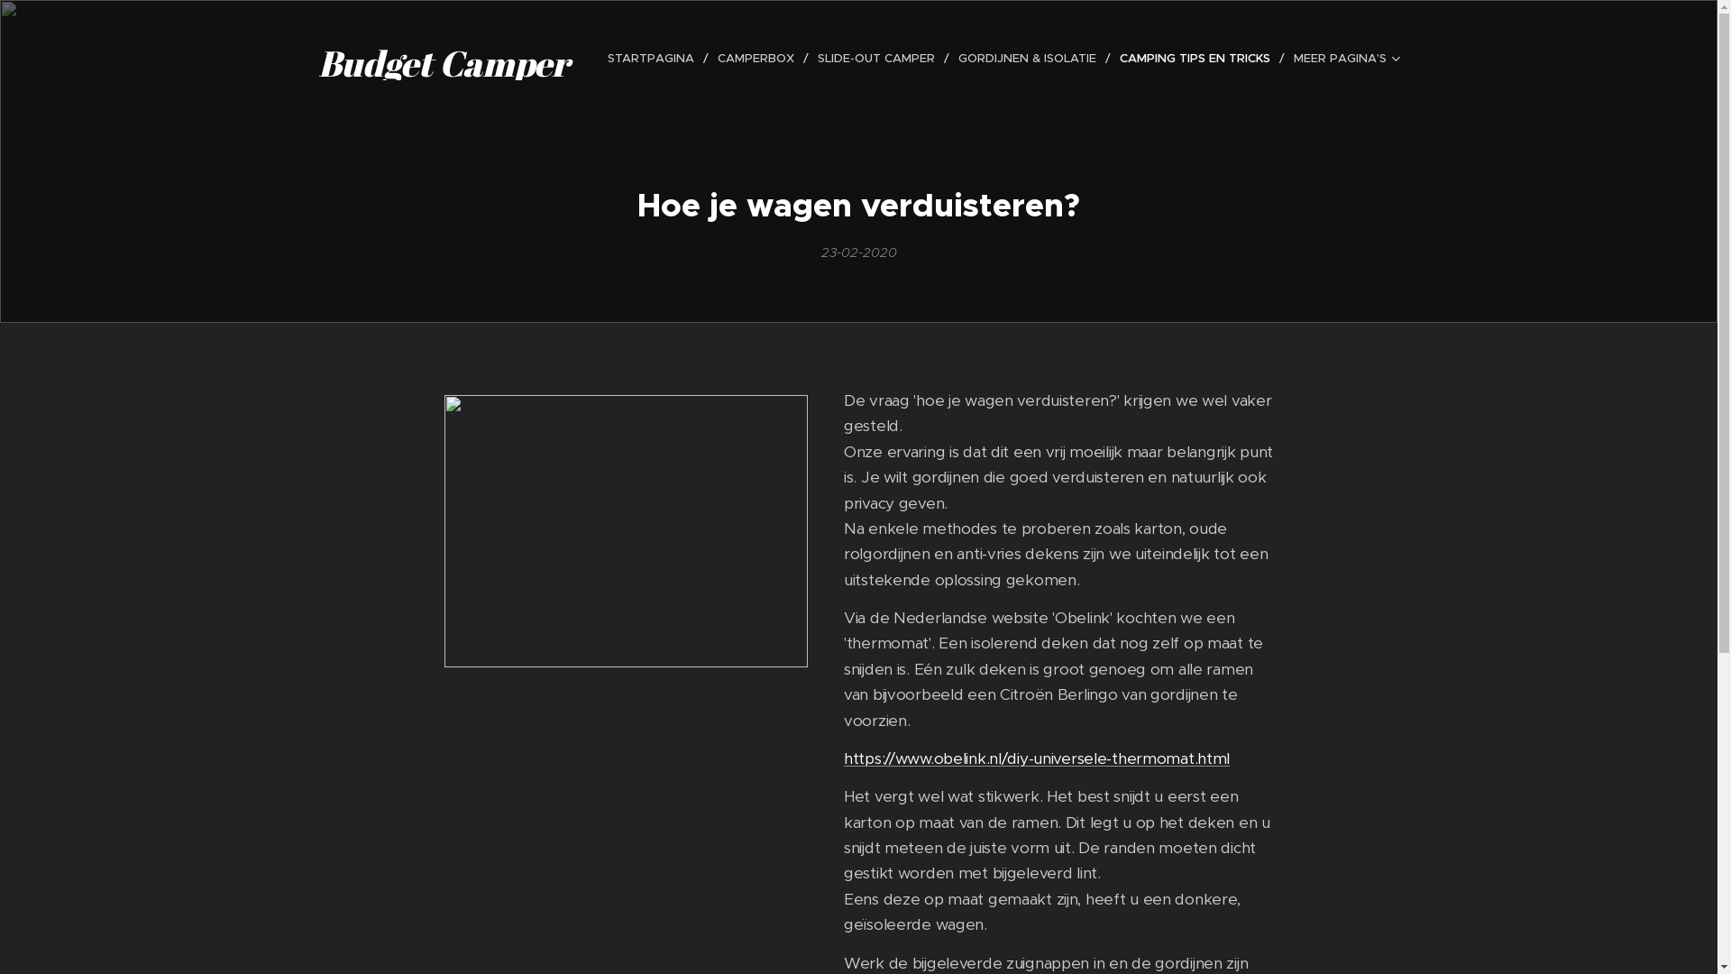 The height and width of the screenshot is (974, 1731). I want to click on 'STARTPAGINA', so click(654, 58).